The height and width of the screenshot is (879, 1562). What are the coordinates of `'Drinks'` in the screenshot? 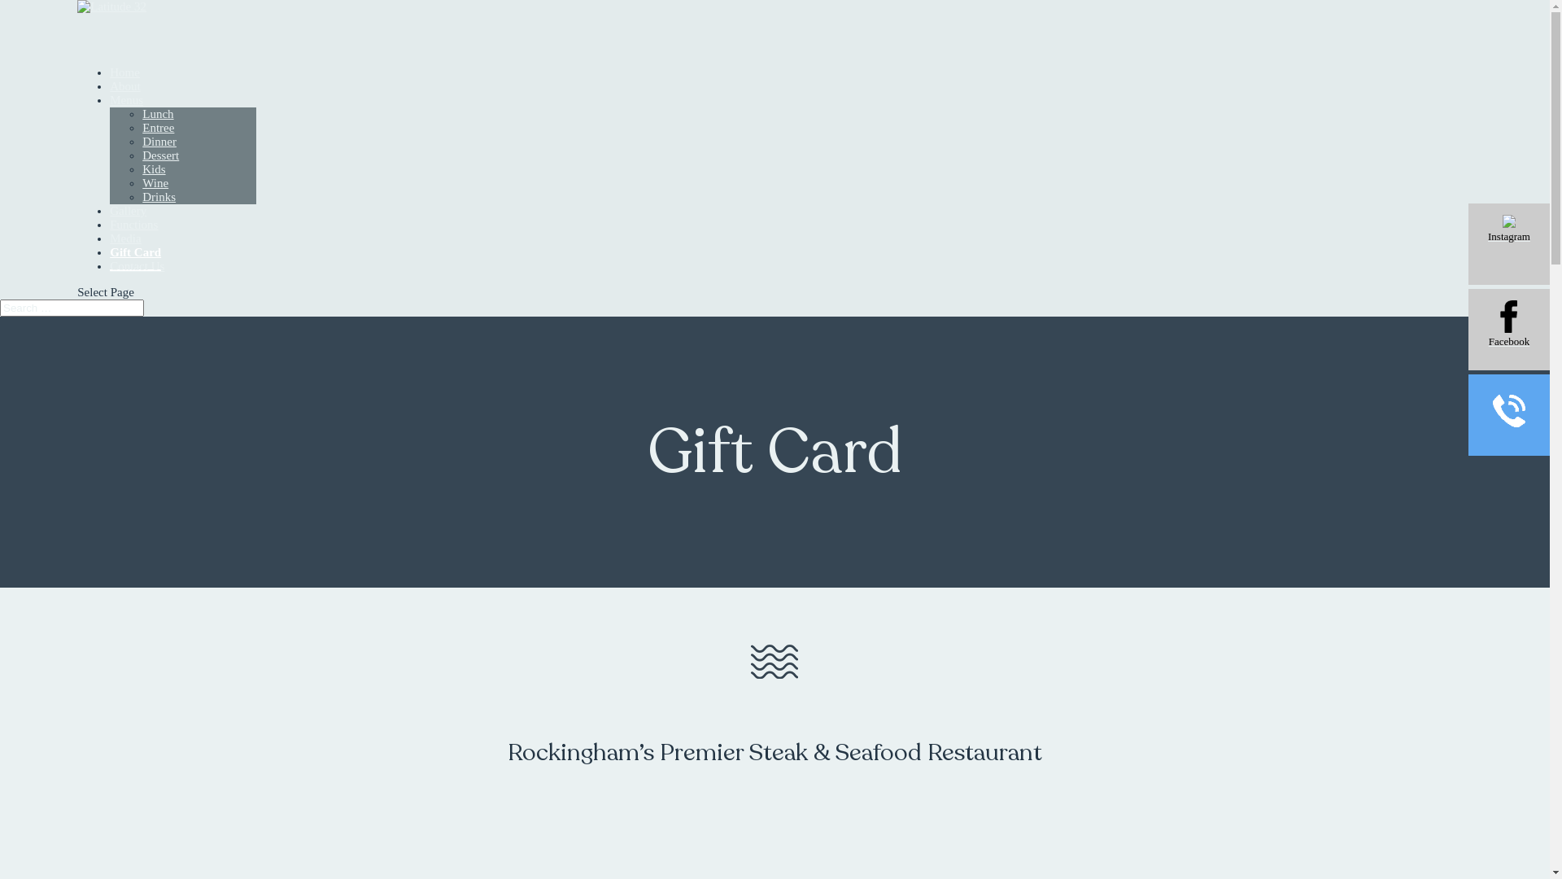 It's located at (159, 196).